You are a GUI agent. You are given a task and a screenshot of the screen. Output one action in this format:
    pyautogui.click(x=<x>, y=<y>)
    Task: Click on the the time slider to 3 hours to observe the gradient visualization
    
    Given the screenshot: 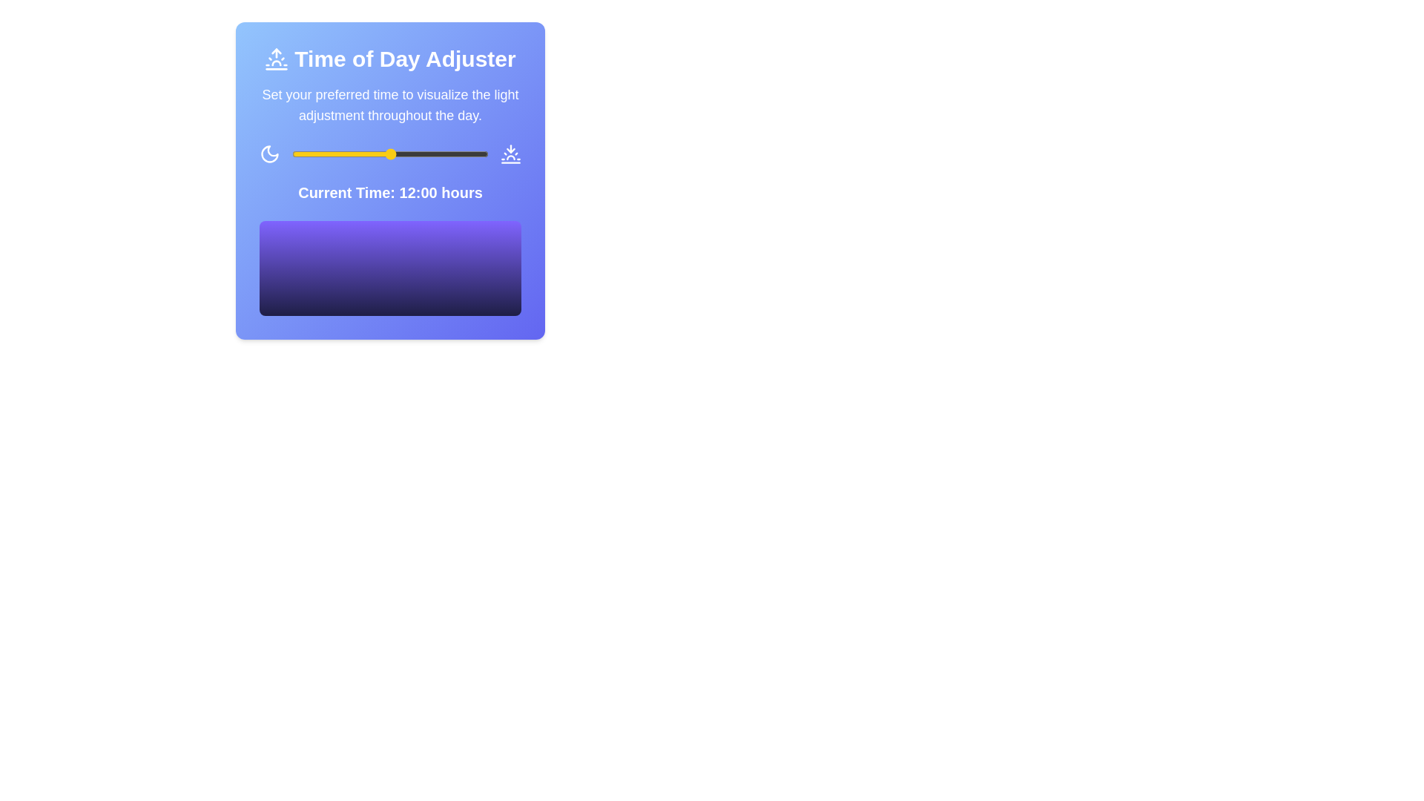 What is the action you would take?
    pyautogui.click(x=316, y=154)
    